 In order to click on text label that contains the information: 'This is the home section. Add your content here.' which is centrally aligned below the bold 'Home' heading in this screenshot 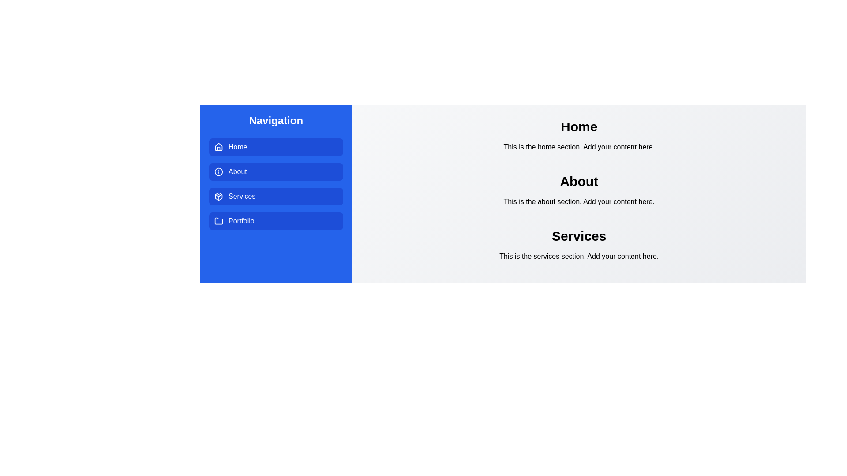, I will do `click(579, 147)`.